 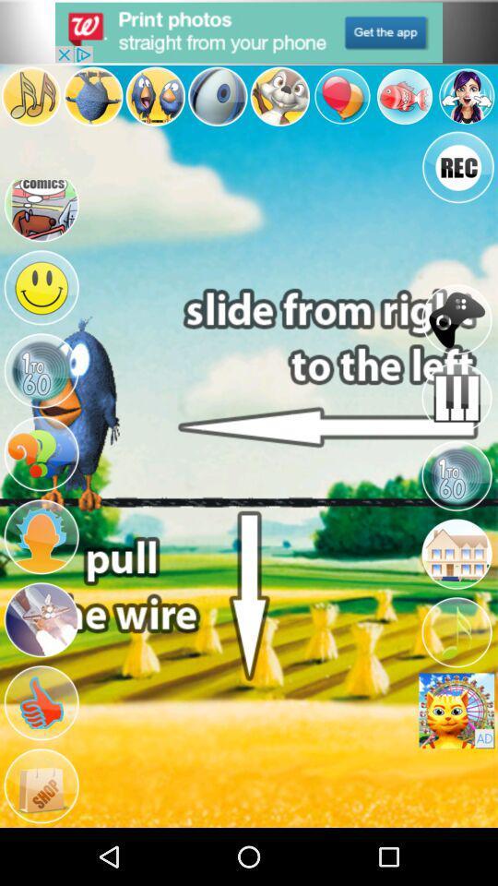 What do you see at coordinates (341, 96) in the screenshot?
I see `go the icon which is in the first line sixth icon` at bounding box center [341, 96].